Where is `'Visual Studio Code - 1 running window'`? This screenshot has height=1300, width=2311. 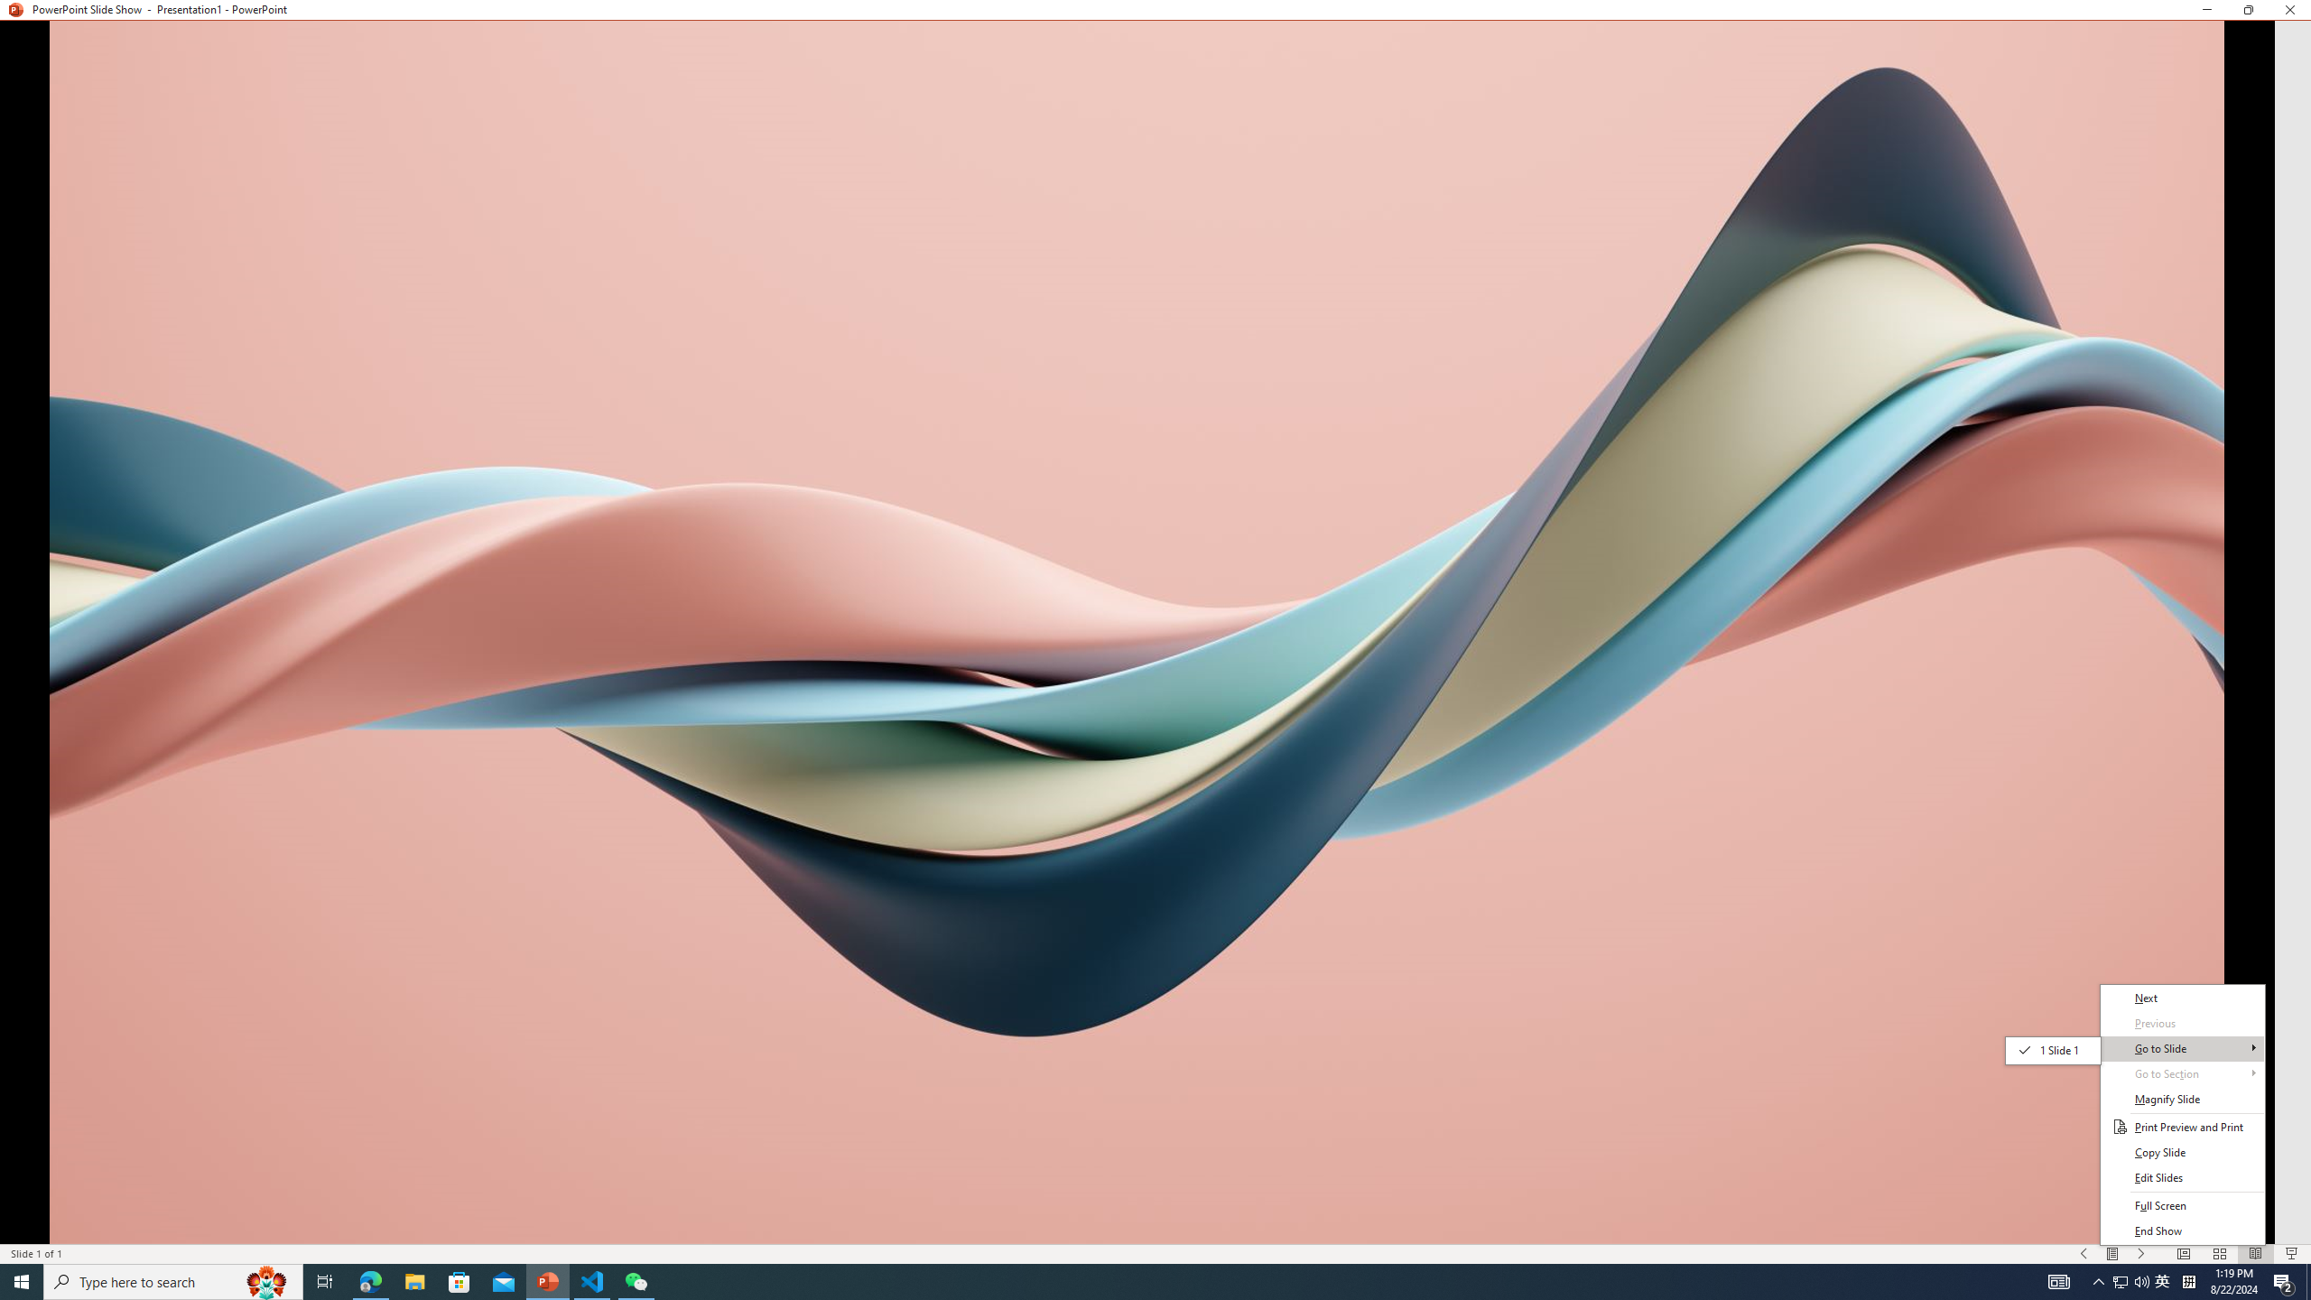
'Visual Studio Code - 1 running window' is located at coordinates (592, 1280).